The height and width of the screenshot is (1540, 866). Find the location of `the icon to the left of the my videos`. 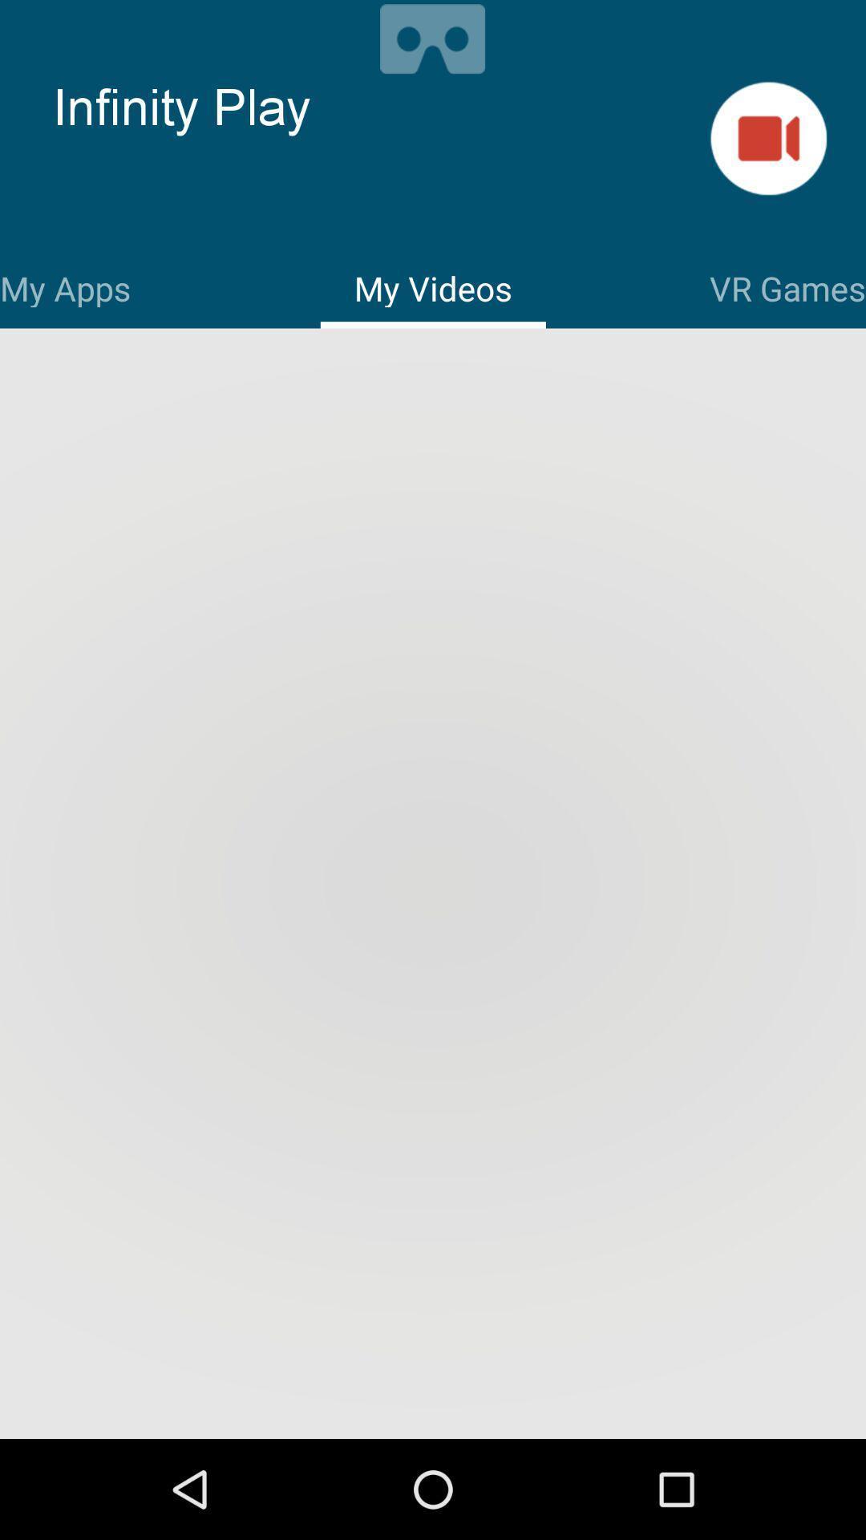

the icon to the left of the my videos is located at coordinates (64, 286).